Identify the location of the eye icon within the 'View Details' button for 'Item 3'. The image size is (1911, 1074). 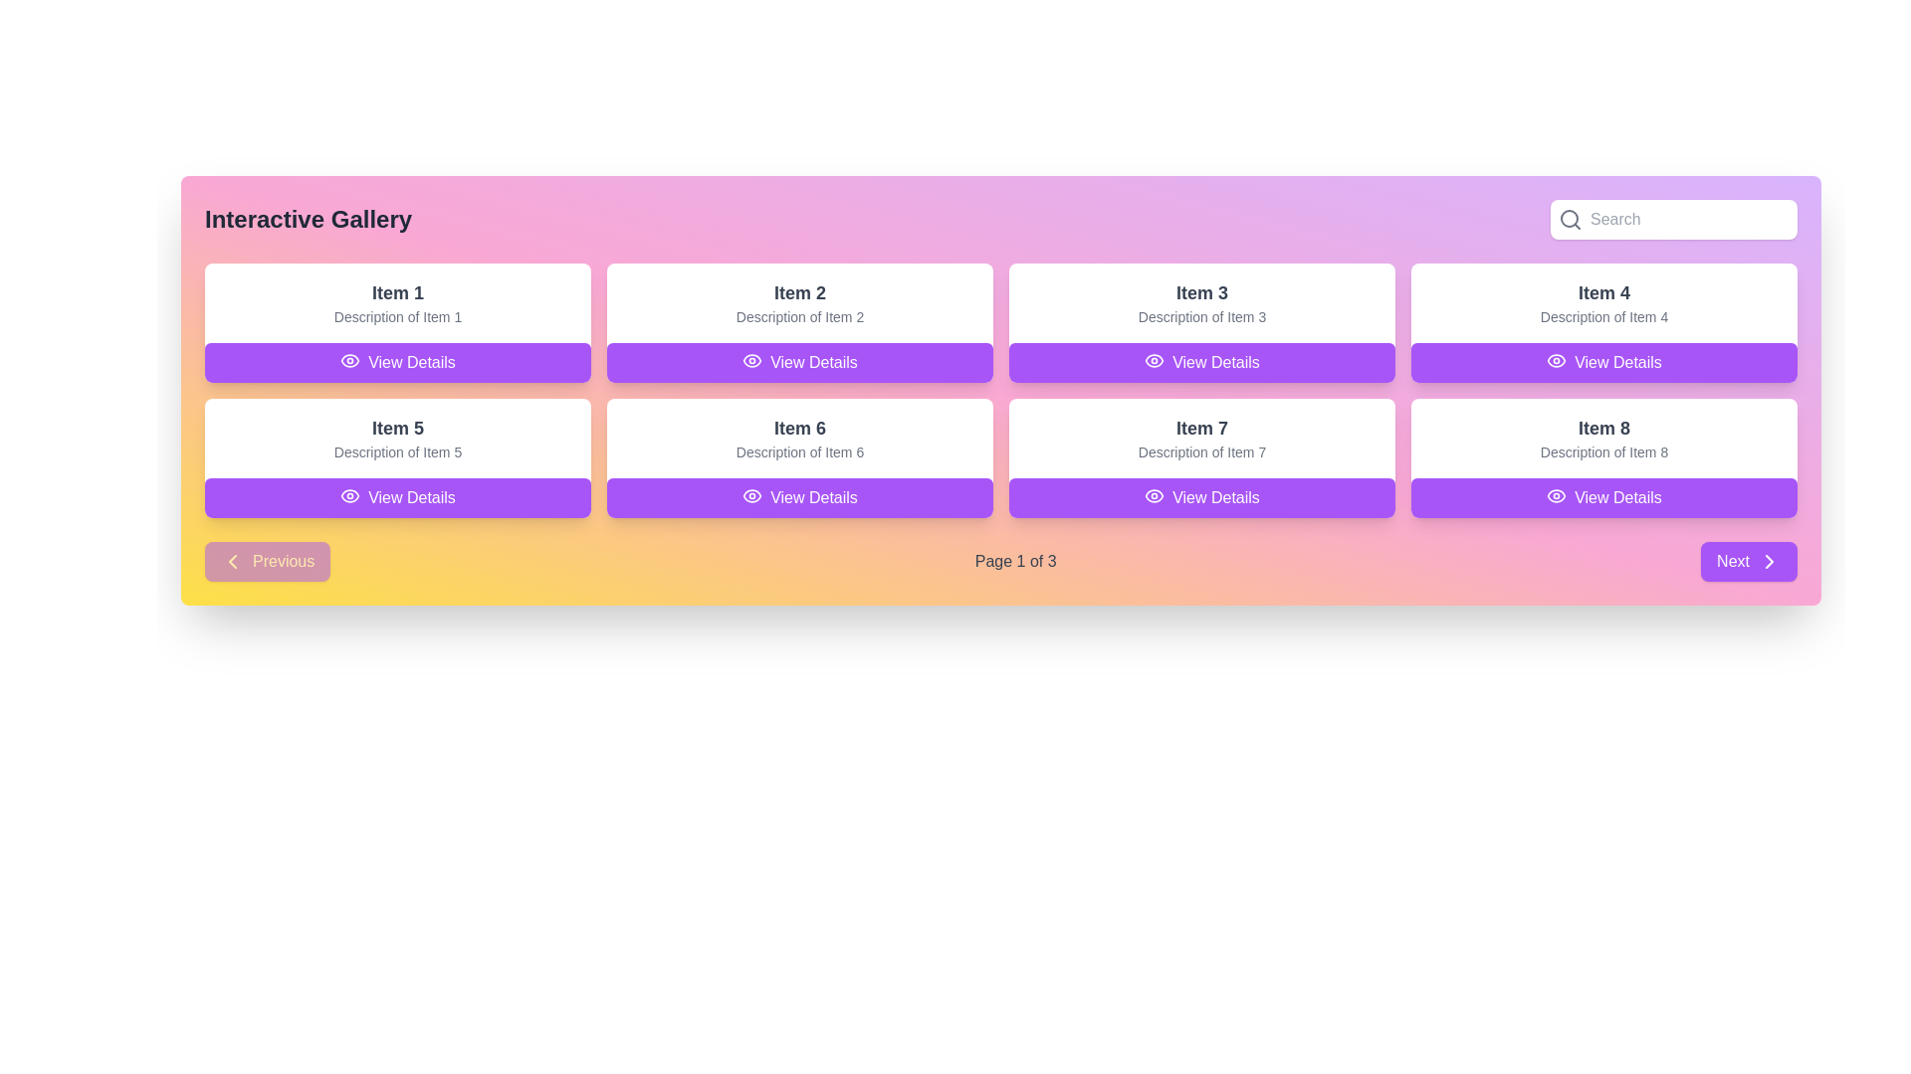
(1155, 360).